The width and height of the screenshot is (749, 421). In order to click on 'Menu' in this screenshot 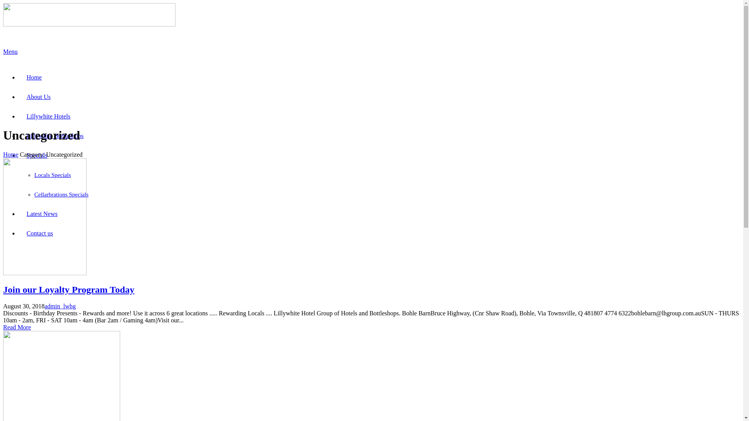, I will do `click(371, 54)`.